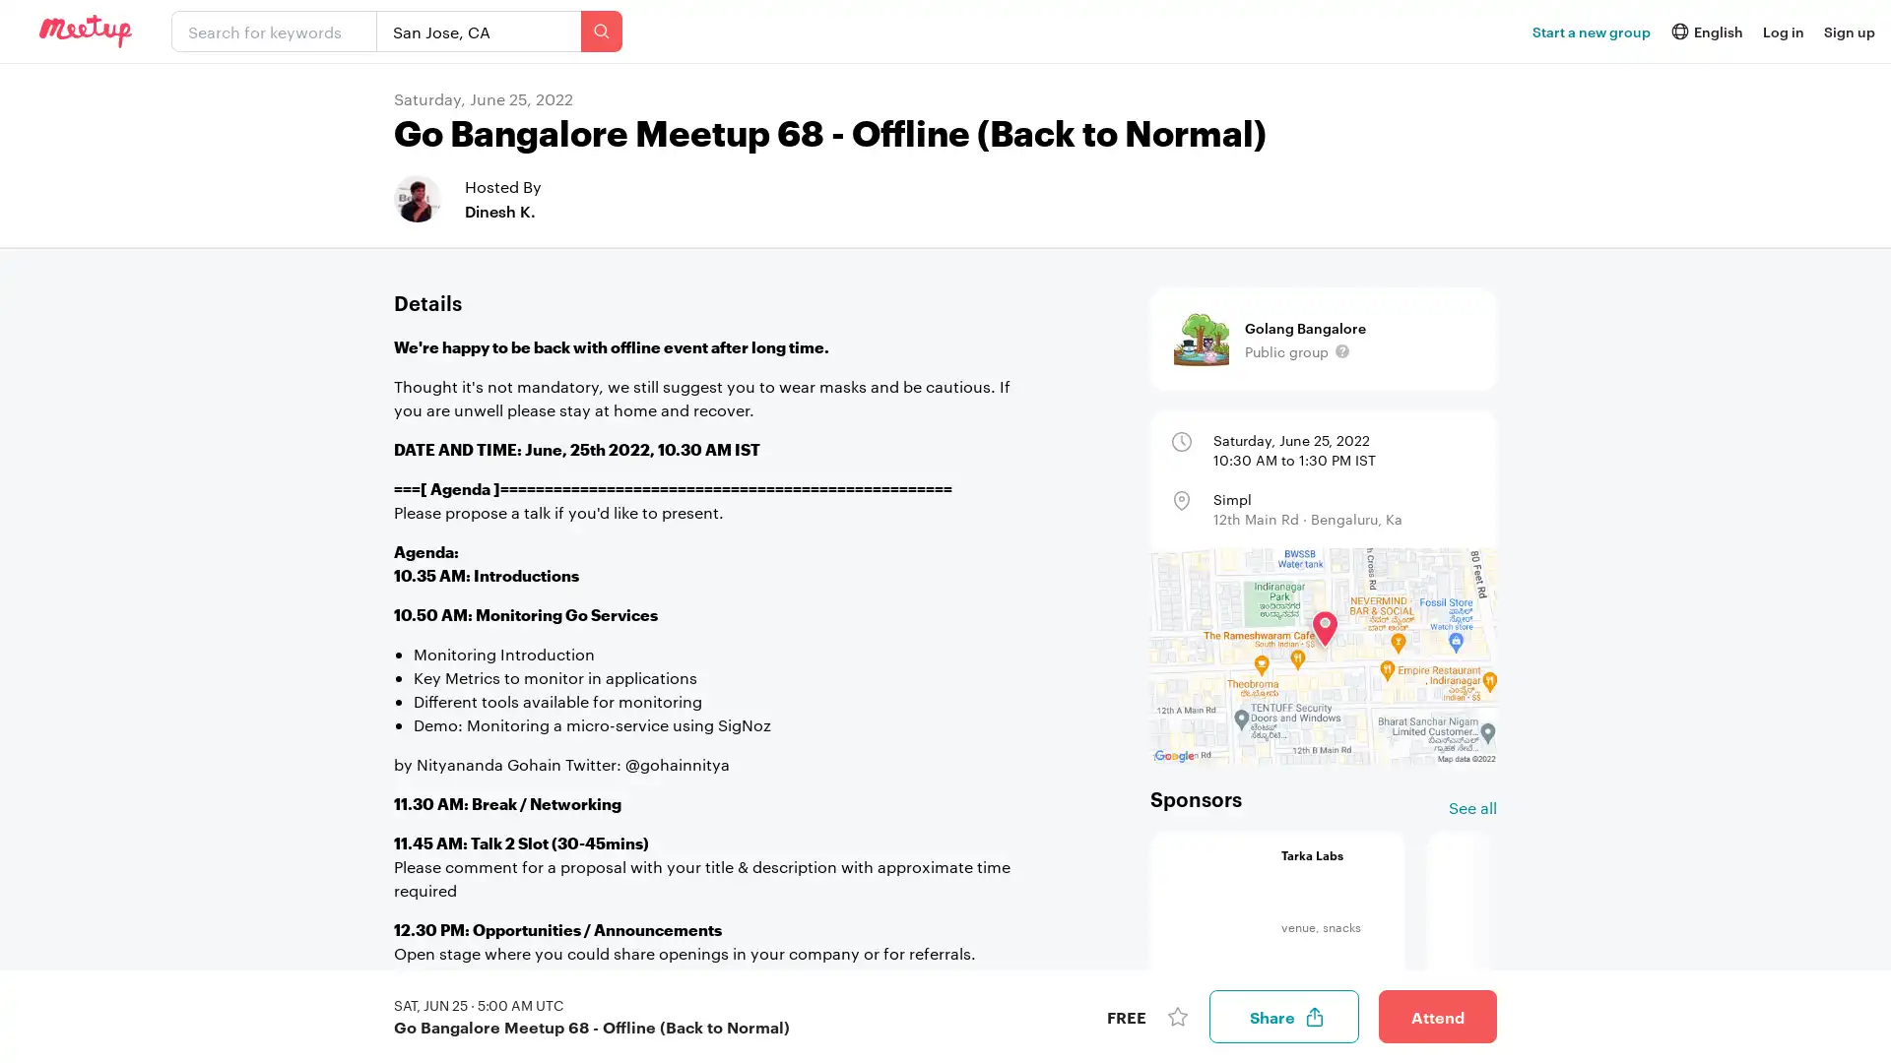 This screenshot has height=1063, width=1891. What do you see at coordinates (600, 31) in the screenshot?
I see `Search events` at bounding box center [600, 31].